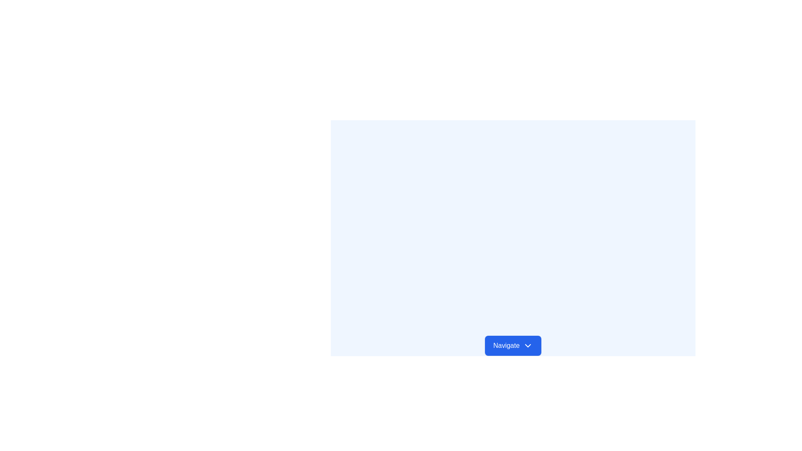 The image size is (802, 451). Describe the element at coordinates (528, 346) in the screenshot. I see `the small downward-pointing chevron icon located to the right side of the text 'Navigate' within a blue rectangular button` at that location.